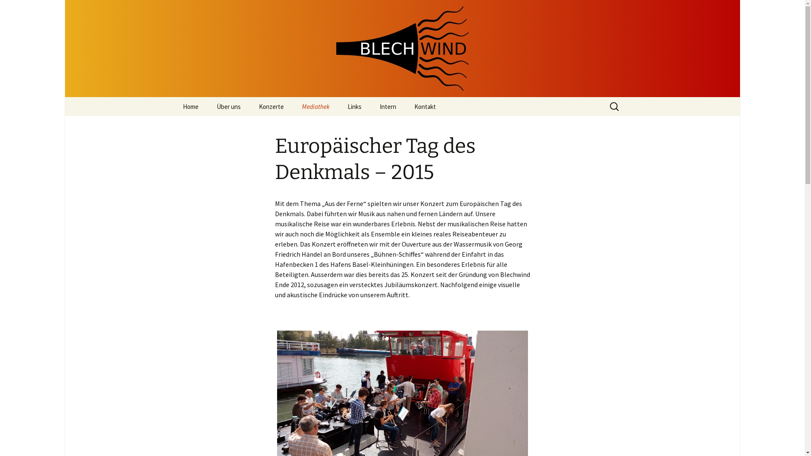 This screenshot has height=456, width=811. I want to click on 'Mediathek', so click(315, 106).